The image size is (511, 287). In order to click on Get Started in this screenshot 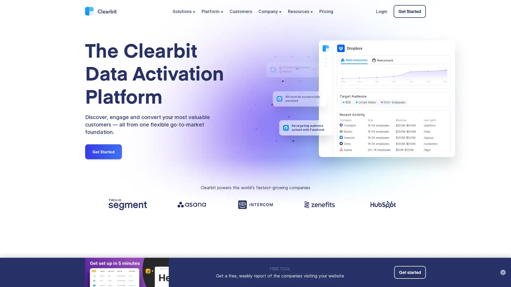, I will do `click(103, 151)`.